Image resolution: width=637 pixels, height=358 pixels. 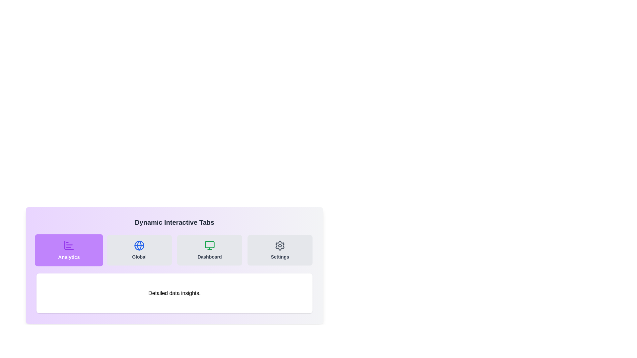 I want to click on text label that serves as the navigation element for the third tab, located under the 'Global' tab and to the left of the 'Settings' tab, so click(x=209, y=257).